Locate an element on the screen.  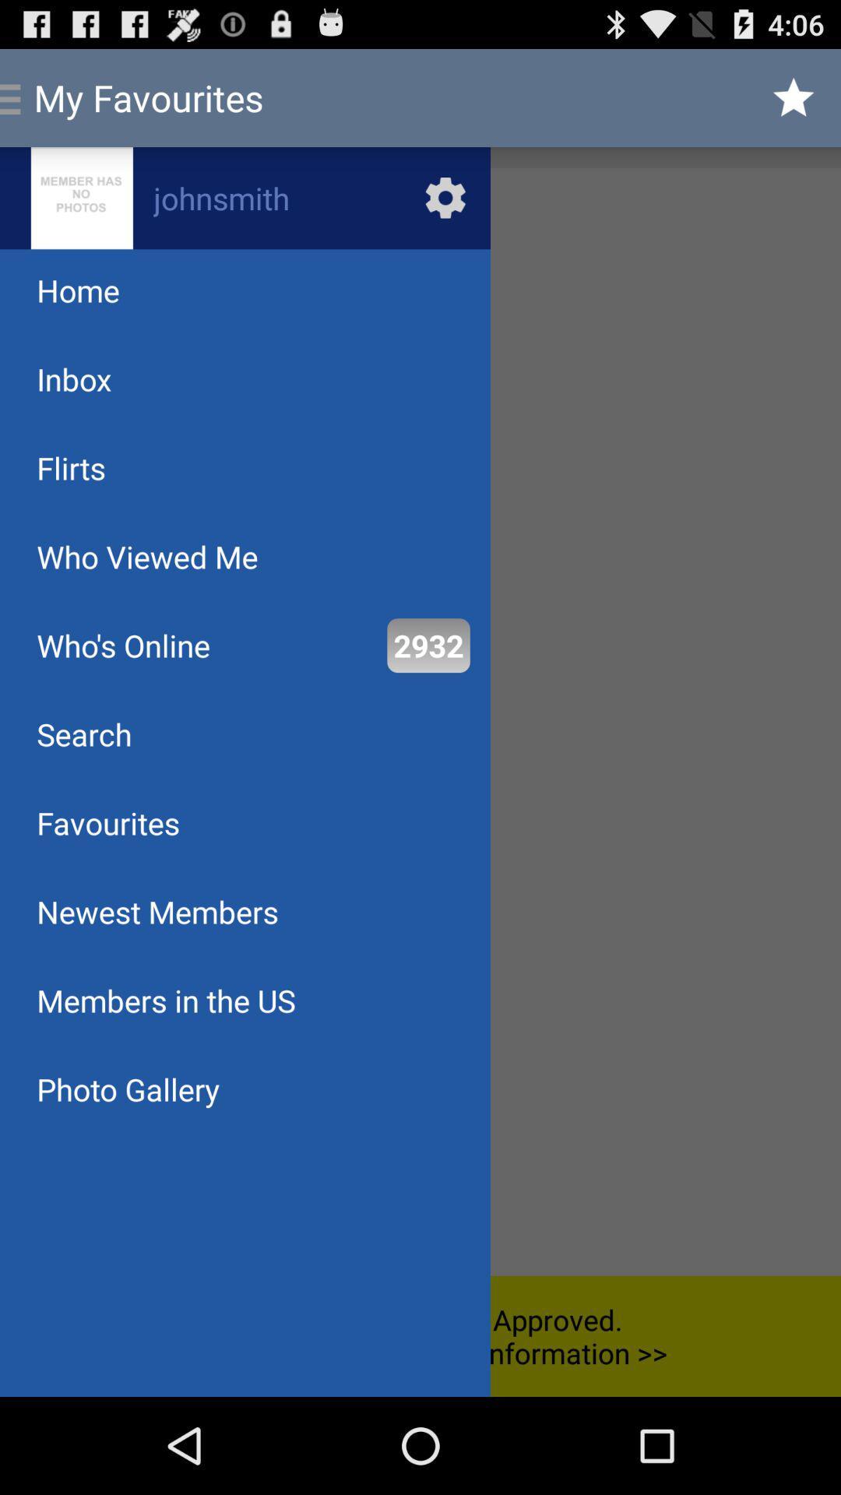
the item below members in the icon is located at coordinates (127, 1089).